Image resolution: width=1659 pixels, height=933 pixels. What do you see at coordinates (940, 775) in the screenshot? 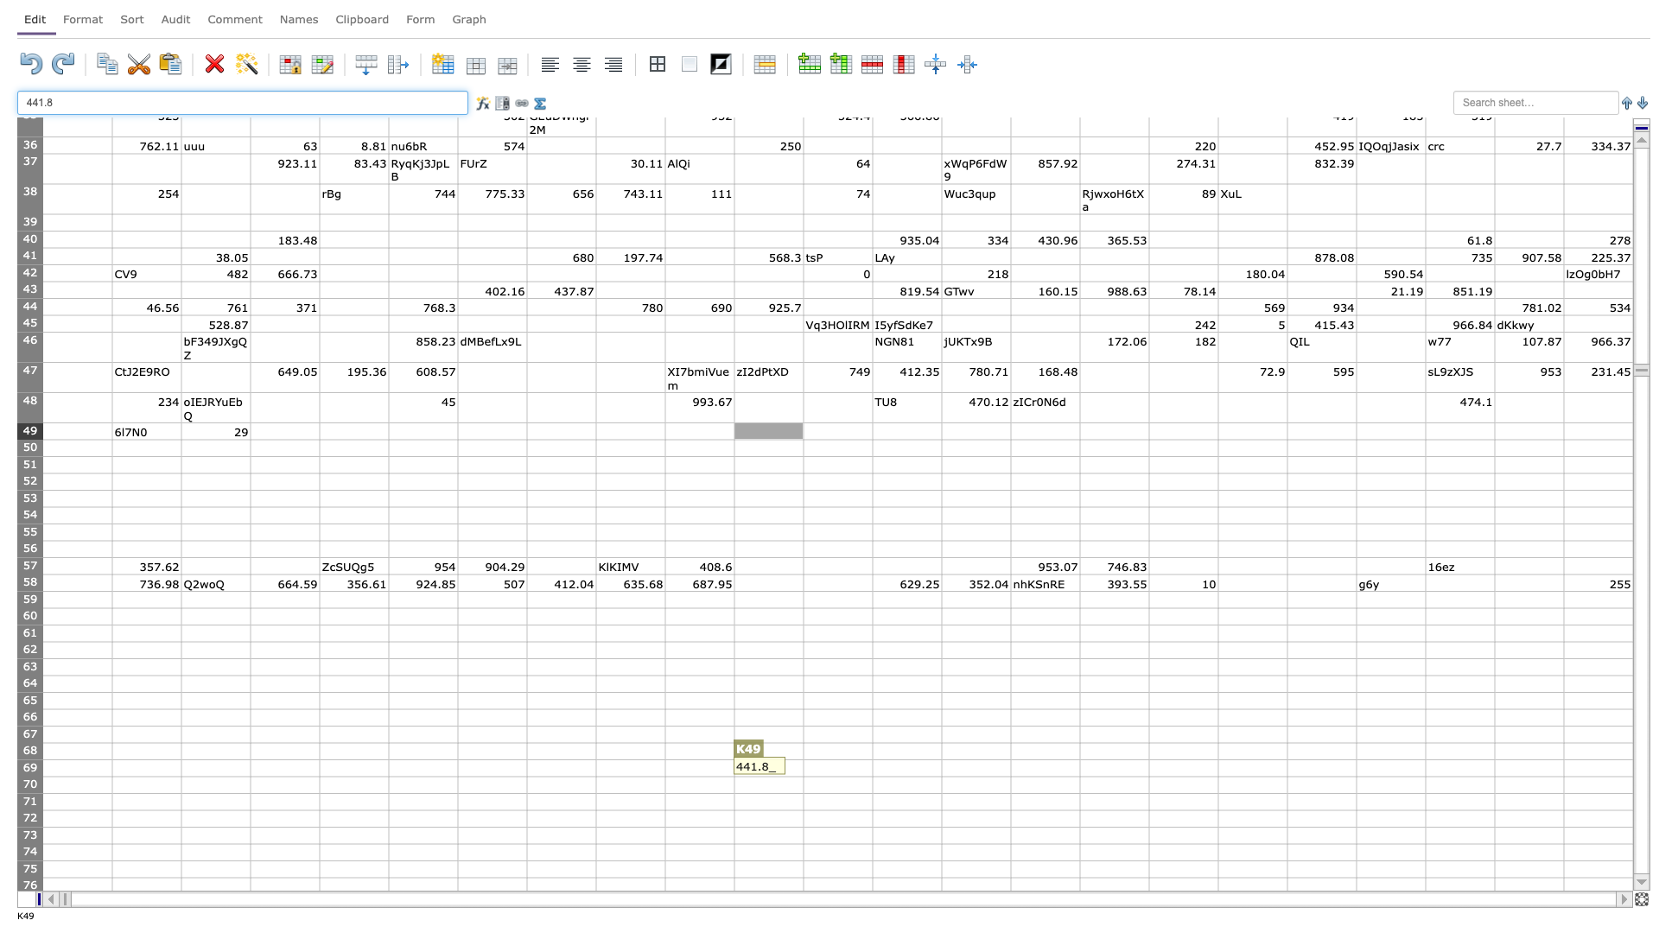
I see `Bottom right of cell M69` at bounding box center [940, 775].